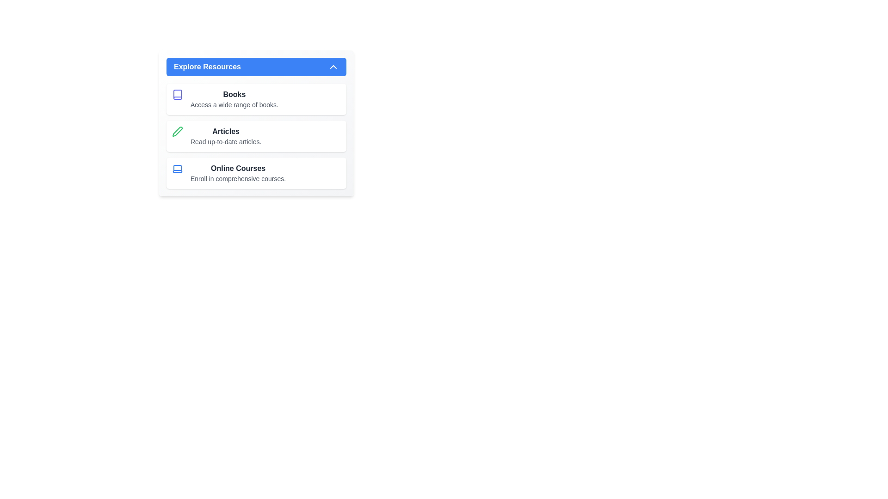 Image resolution: width=888 pixels, height=499 pixels. I want to click on the bold text label reading 'Articles' located in the second row of the 'Explore Resources' list, above the descriptive text 'Read up-to-date articles.', so click(226, 132).